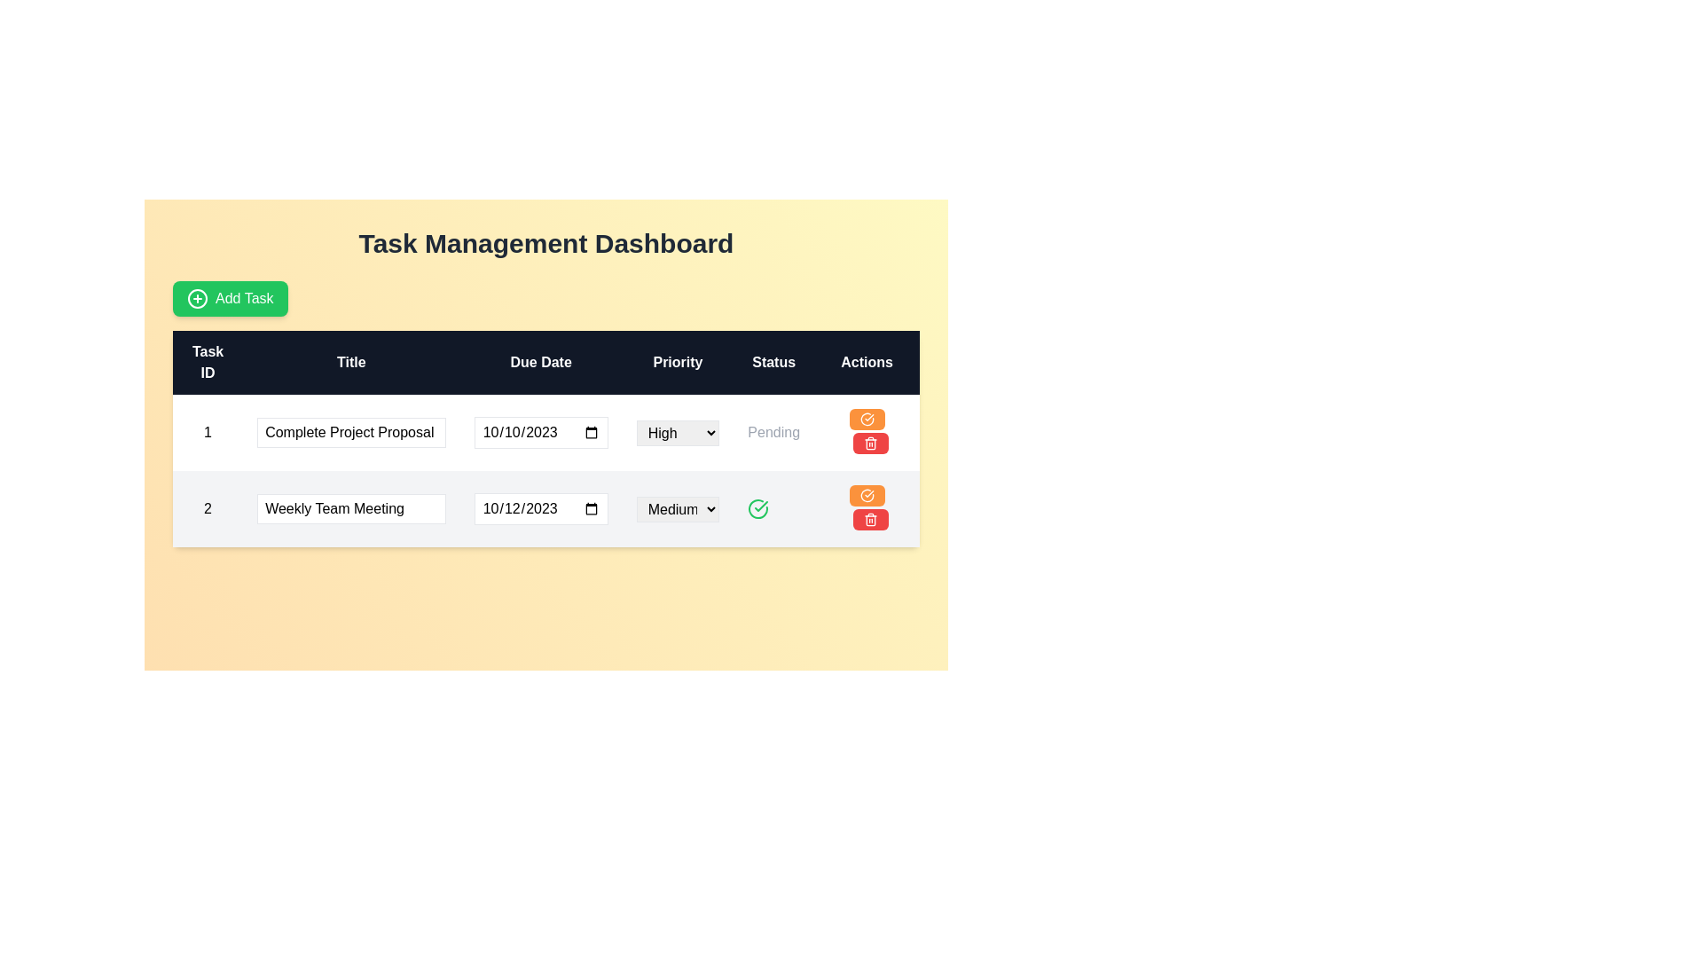  I want to click on the Decorative SVG Circle, which is the innermost part of the 'plus inside a circle' pattern located to the left of the green 'Add Task' button on the dashboard interface, so click(197, 297).